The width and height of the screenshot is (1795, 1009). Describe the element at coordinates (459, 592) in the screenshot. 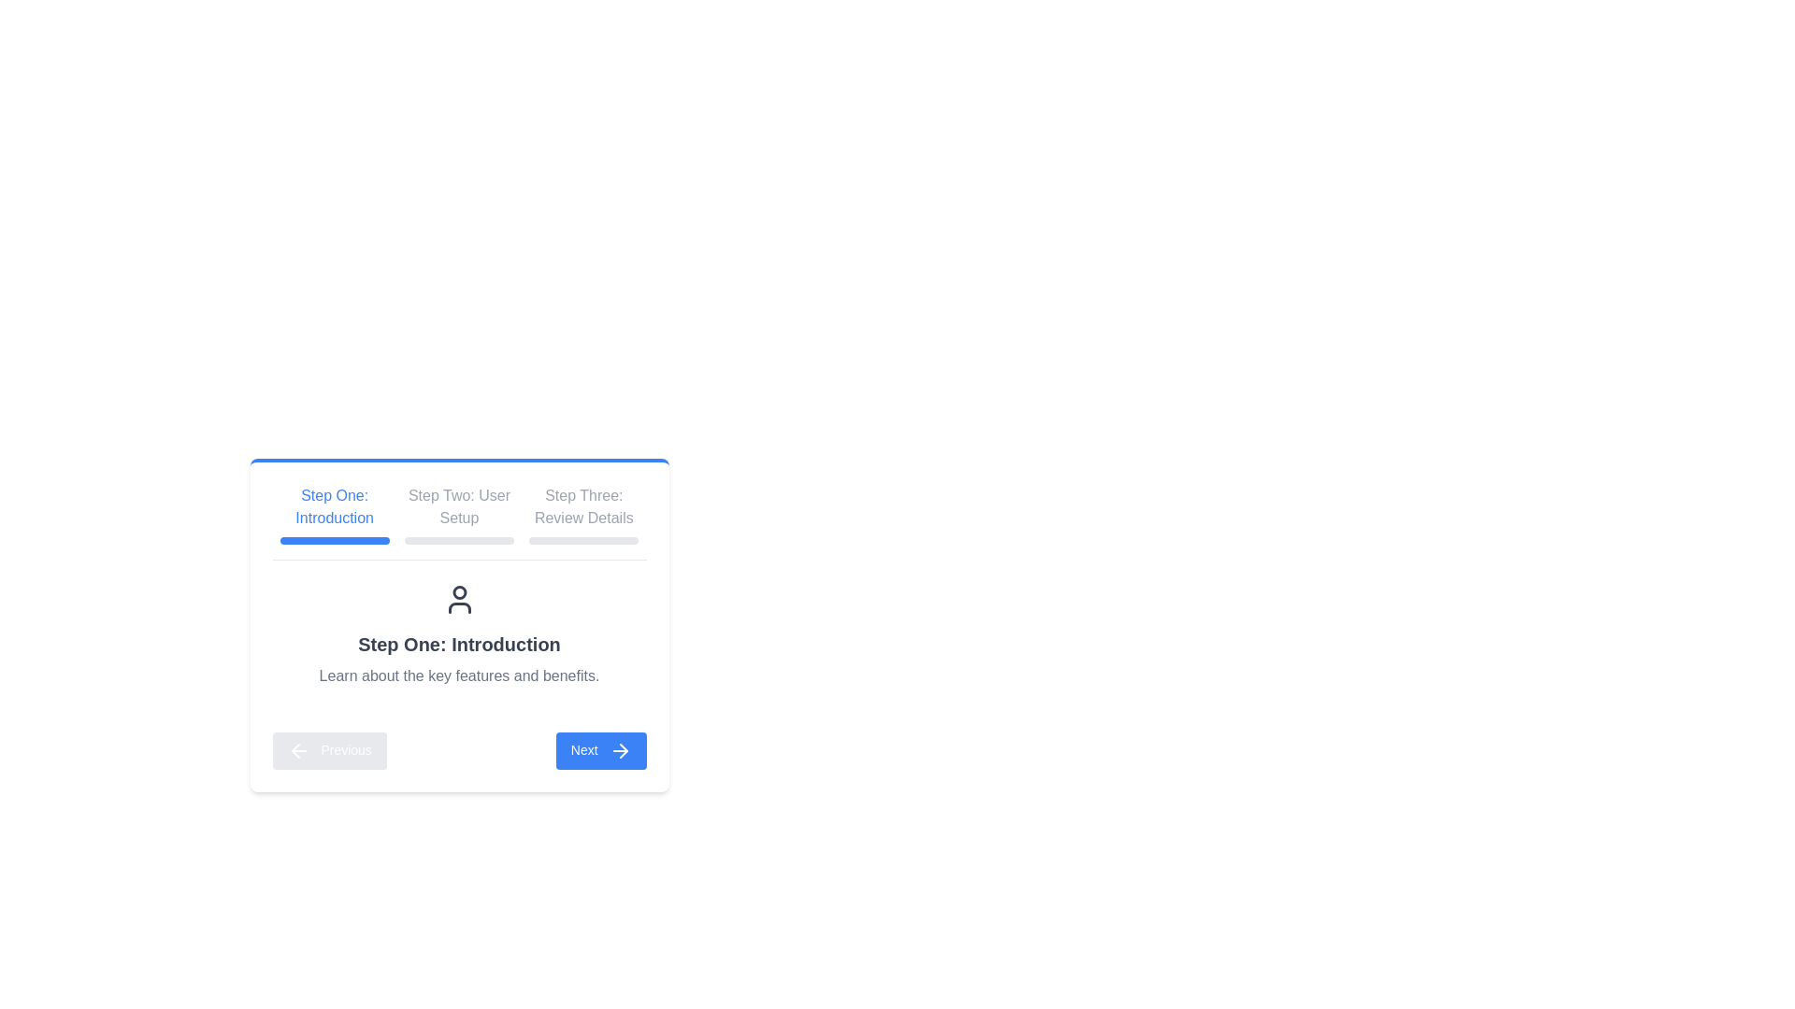

I see `the SVG Circle representing the user's head in the avatar icon, which is centered below the tab navigation bar` at that location.